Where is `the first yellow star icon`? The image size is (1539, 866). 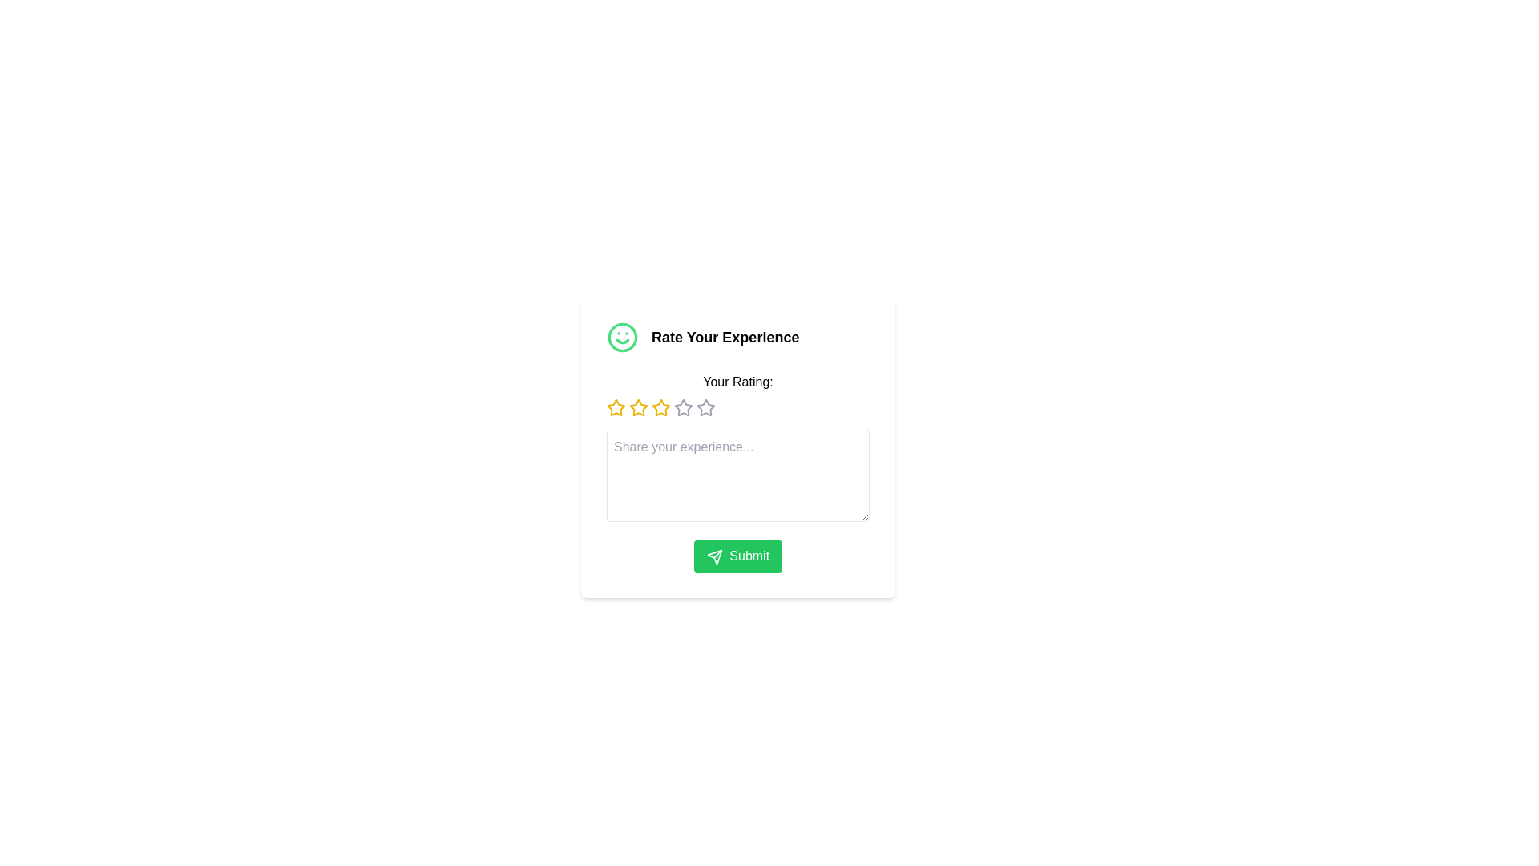 the first yellow star icon is located at coordinates (615, 407).